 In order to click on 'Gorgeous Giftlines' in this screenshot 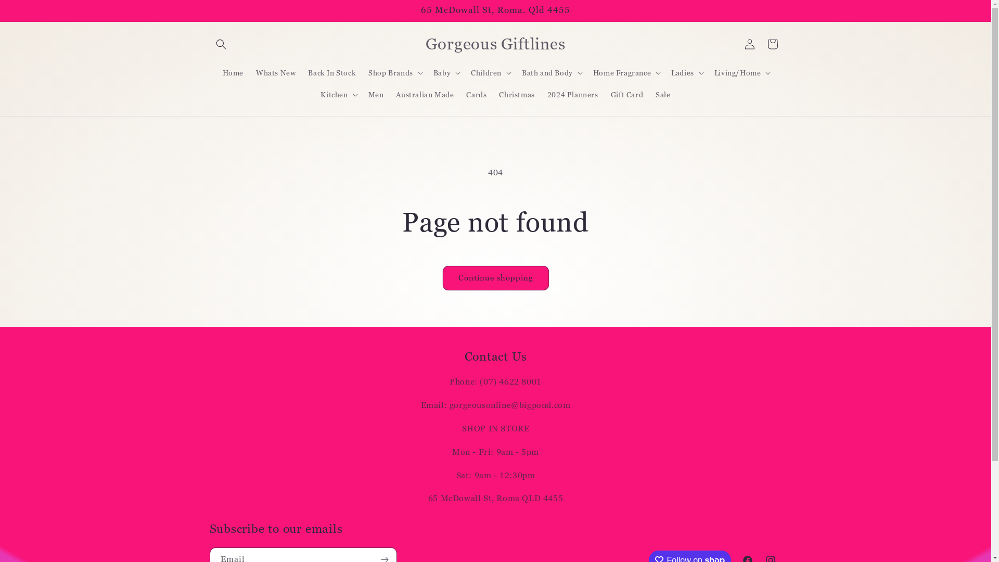, I will do `click(422, 43)`.